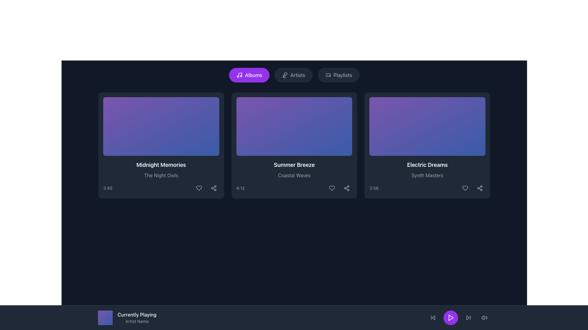 Image resolution: width=588 pixels, height=330 pixels. I want to click on the Text label within the button that indicates navigation to Playlists, located in the third position of the horizontal navigation bar at the top of the interface, so click(342, 75).